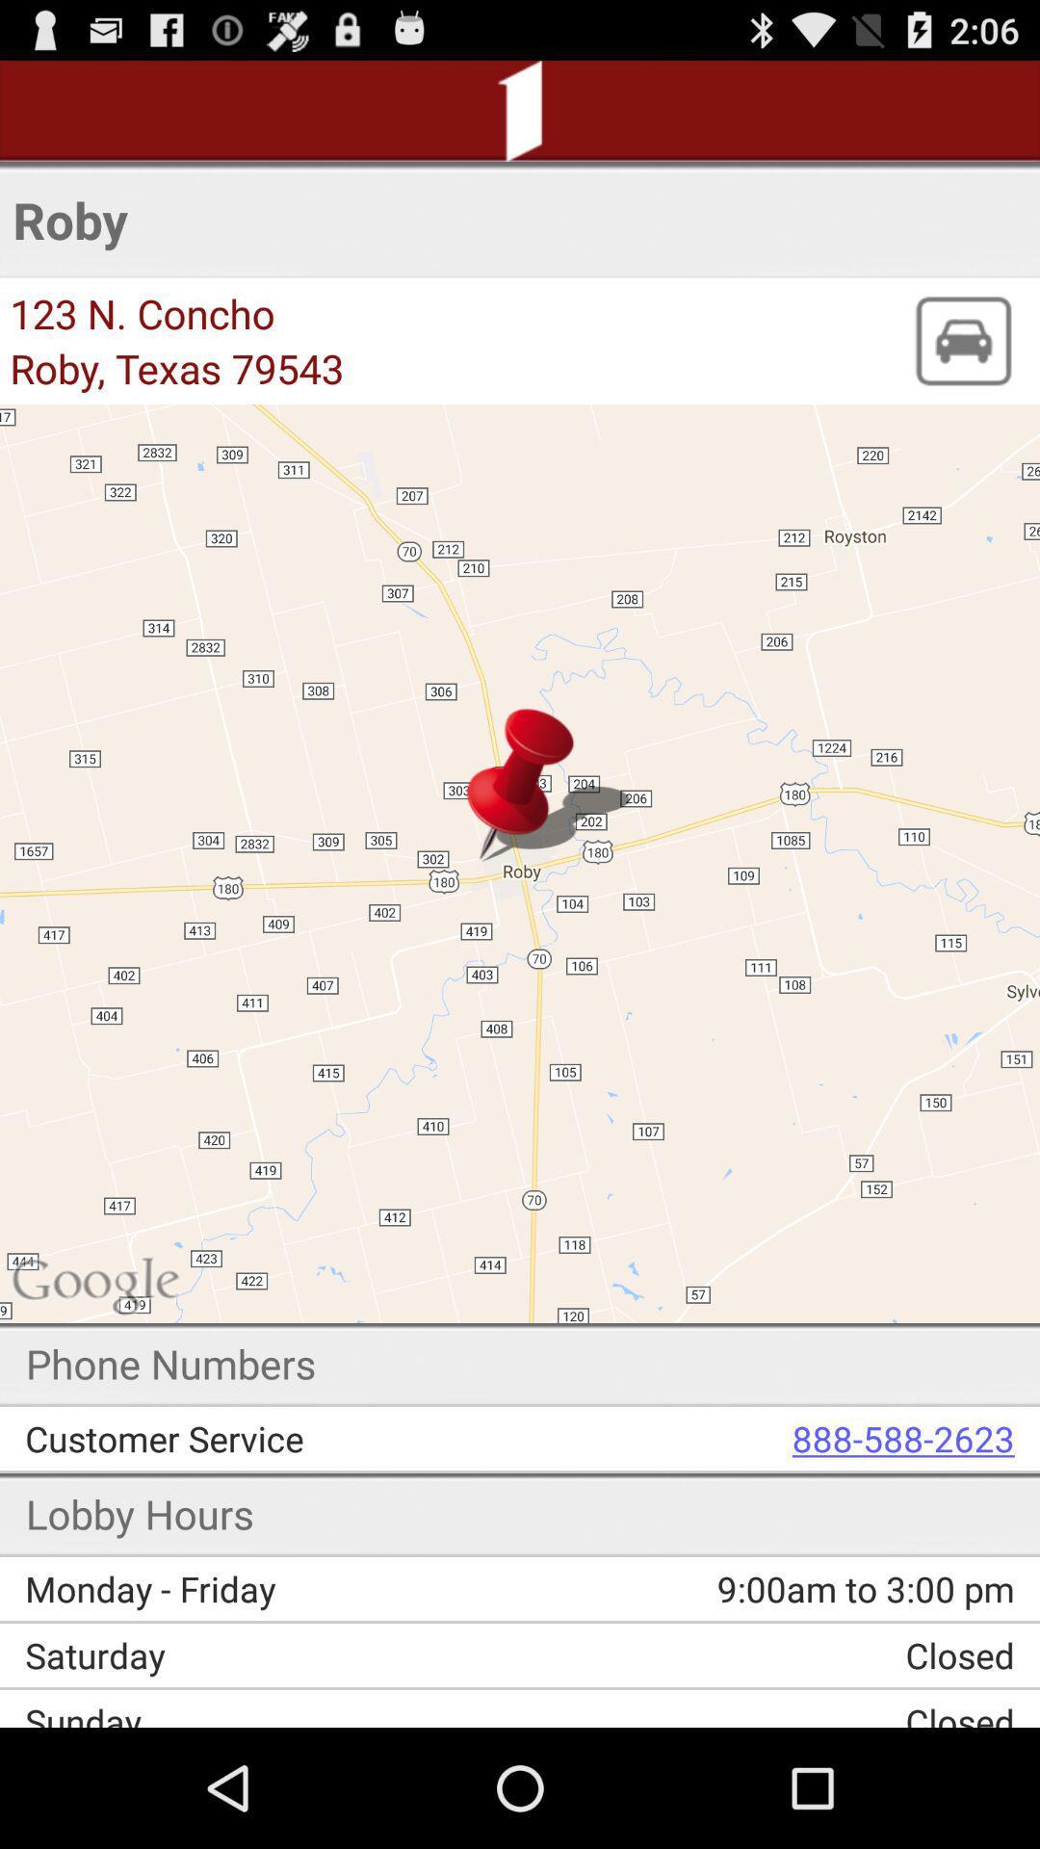  Describe the element at coordinates (754, 1589) in the screenshot. I see `the item above the saturday item` at that location.